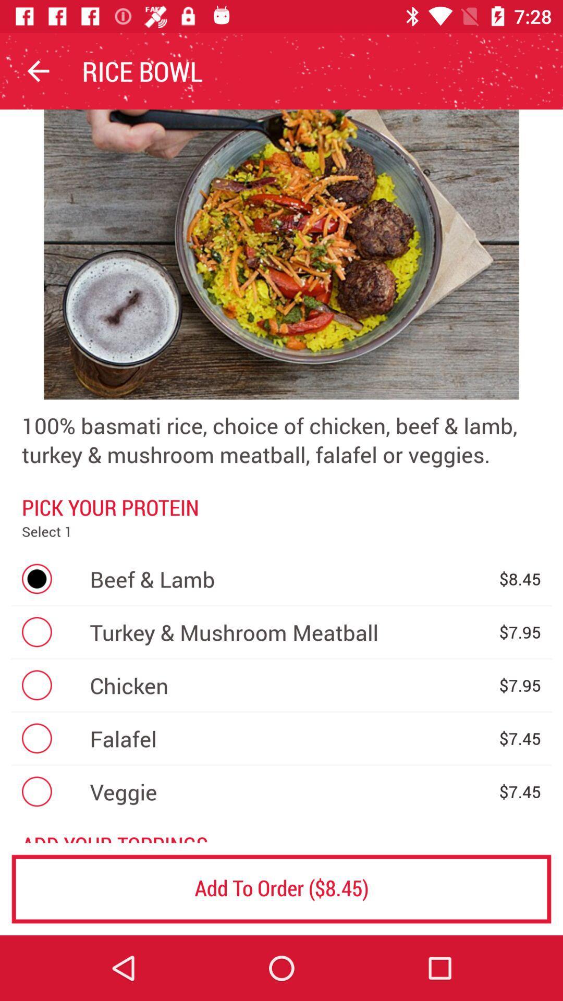 This screenshot has height=1001, width=563. I want to click on the item next to the $7.45, so click(289, 791).